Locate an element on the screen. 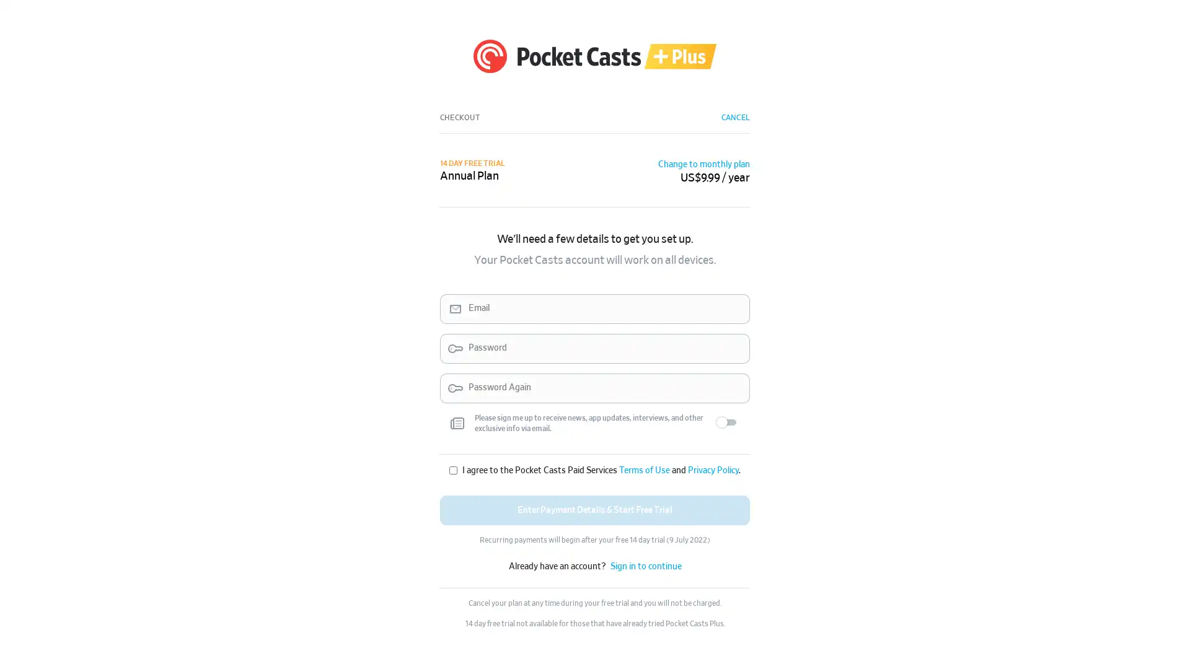  Enter Payment Details & Start Free Trial is located at coordinates (595, 510).